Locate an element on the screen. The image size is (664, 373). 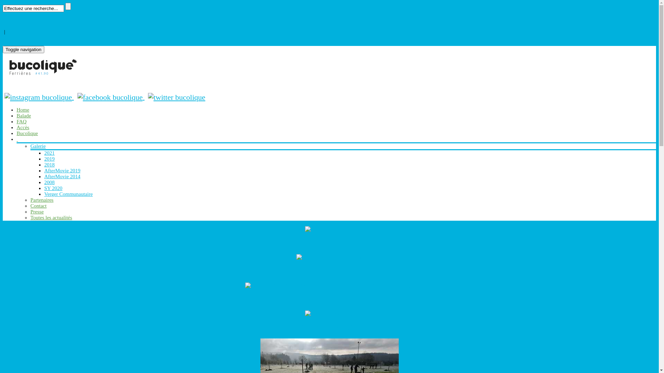
'Verger Communautaire' is located at coordinates (68, 194).